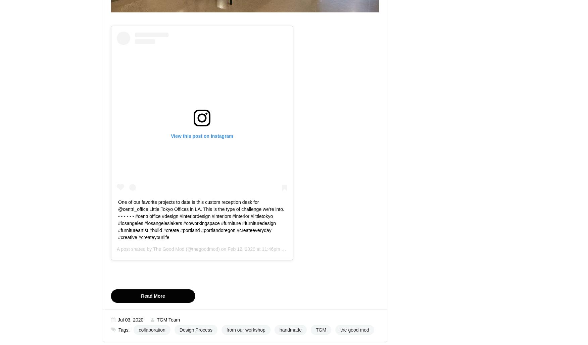  What do you see at coordinates (135, 249) in the screenshot?
I see `'A post shared by'` at bounding box center [135, 249].